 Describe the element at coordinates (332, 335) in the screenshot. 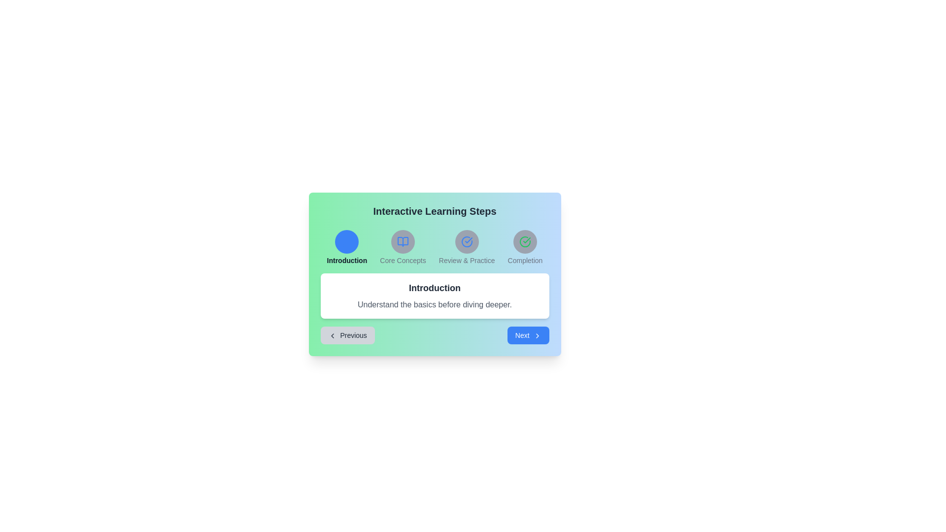

I see `the left-pointing navigational icon located within the 'Previous' button at the bottom-left corner of the card interface` at that location.